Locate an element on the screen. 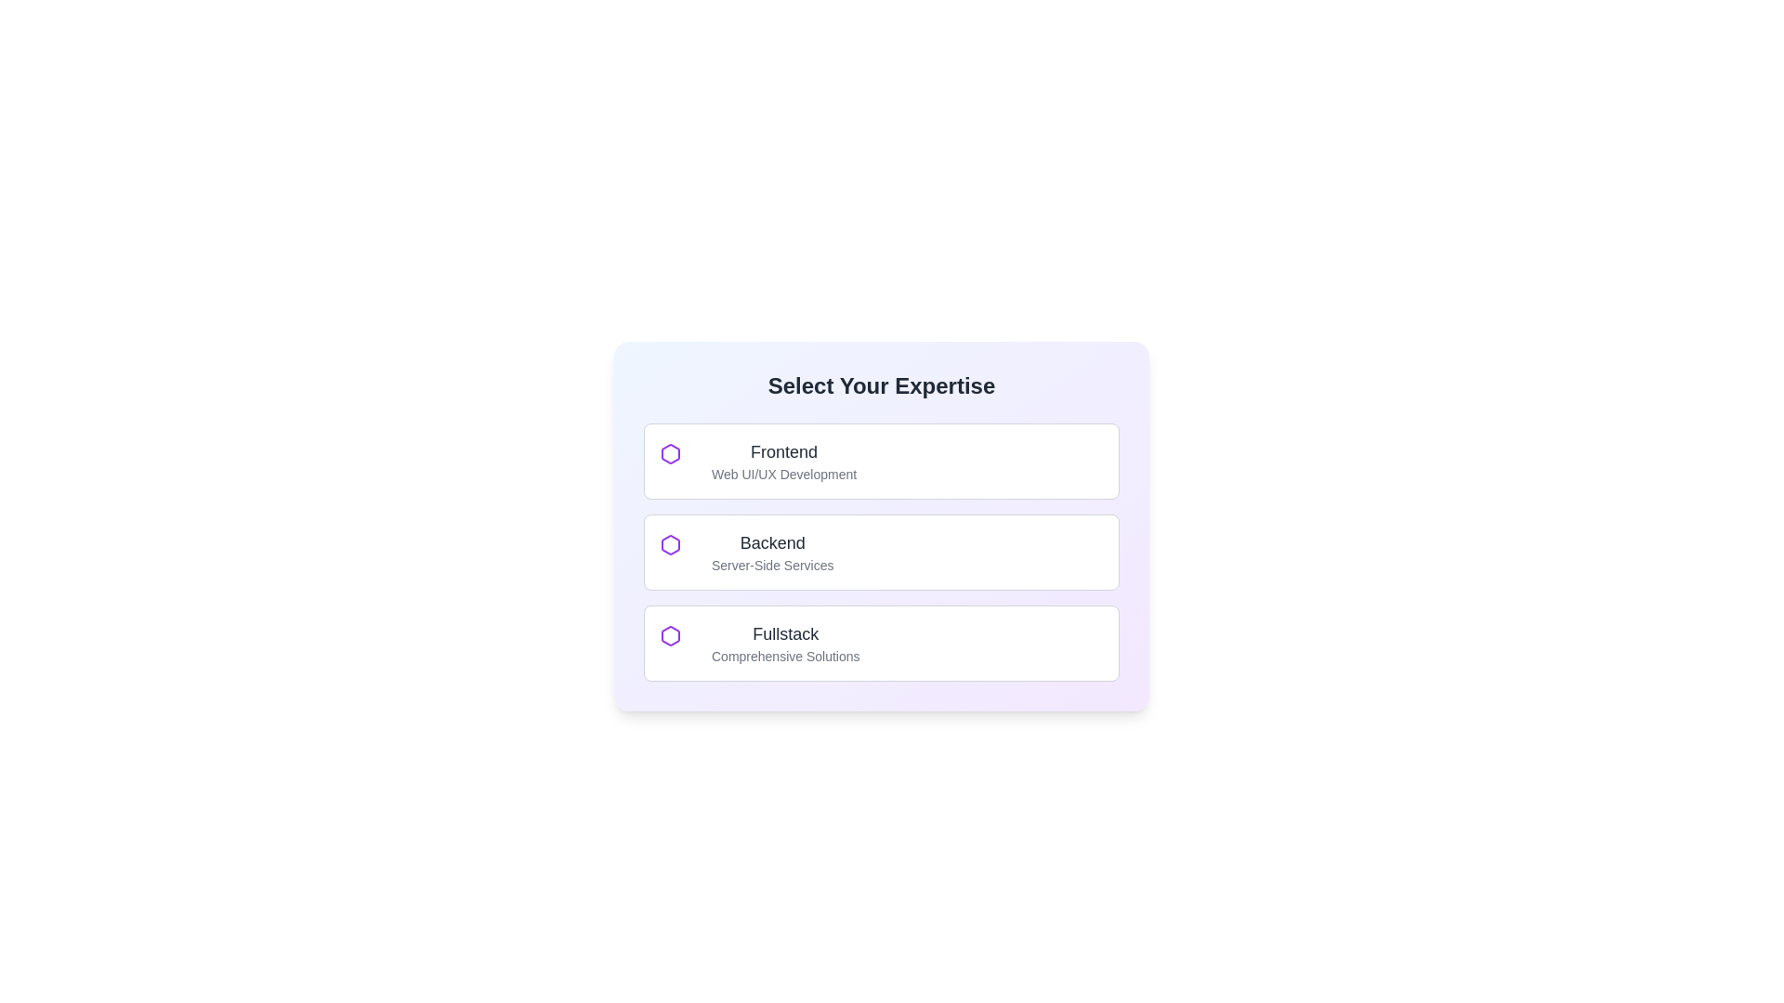 The height and width of the screenshot is (1003, 1784). the text label 'Comprehensive Solutions' which is rendered in a small, gray font, located under the 'Fullstack' option in the selection menu is located at coordinates (785, 655).